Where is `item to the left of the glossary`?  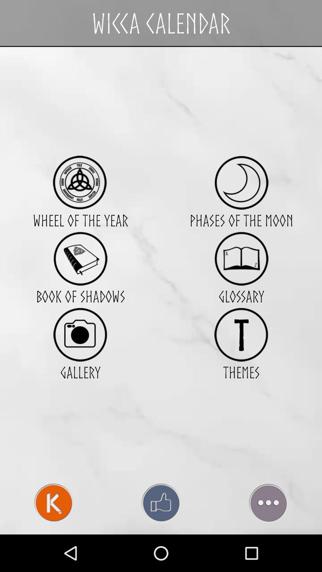 item to the left of the glossary is located at coordinates (80, 335).